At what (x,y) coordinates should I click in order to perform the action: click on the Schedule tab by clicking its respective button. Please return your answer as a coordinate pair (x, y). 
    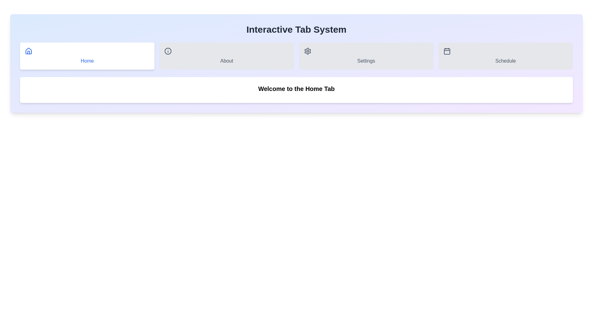
    Looking at the image, I should click on (505, 56).